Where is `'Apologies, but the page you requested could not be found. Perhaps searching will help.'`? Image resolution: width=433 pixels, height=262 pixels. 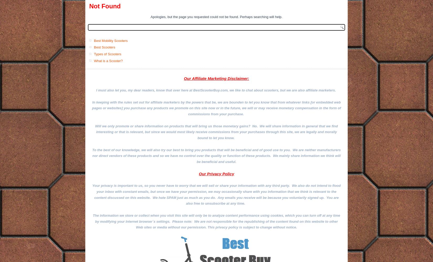
'Apologies, but the page you requested could not be found. Perhaps searching will help.' is located at coordinates (216, 16).